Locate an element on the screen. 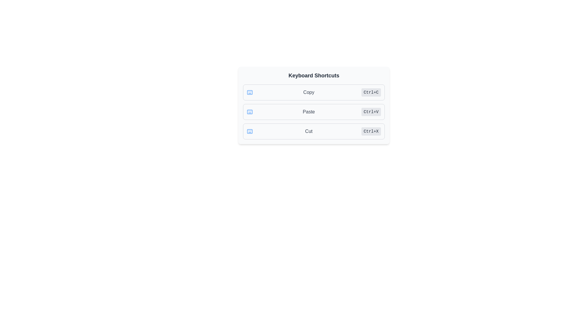 This screenshot has height=319, width=567. the small rounded rectangular badge displaying the keyboard shortcut 'Ctrl+C', which is located next to the label 'Copy' in the top row of the action list is located at coordinates (371, 92).